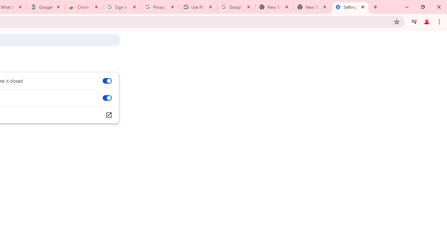  What do you see at coordinates (108, 115) in the screenshot?
I see `'Open your computer'` at bounding box center [108, 115].